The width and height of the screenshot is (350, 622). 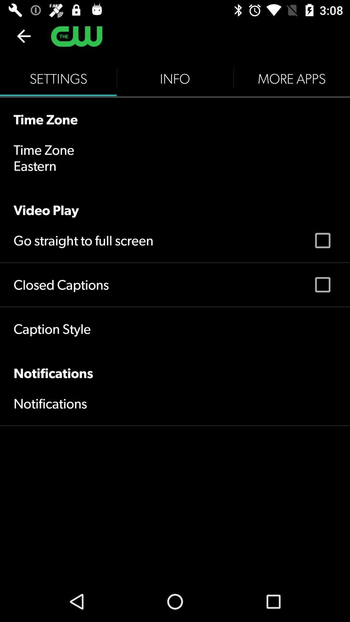 What do you see at coordinates (175, 78) in the screenshot?
I see `the item next to more apps item` at bounding box center [175, 78].